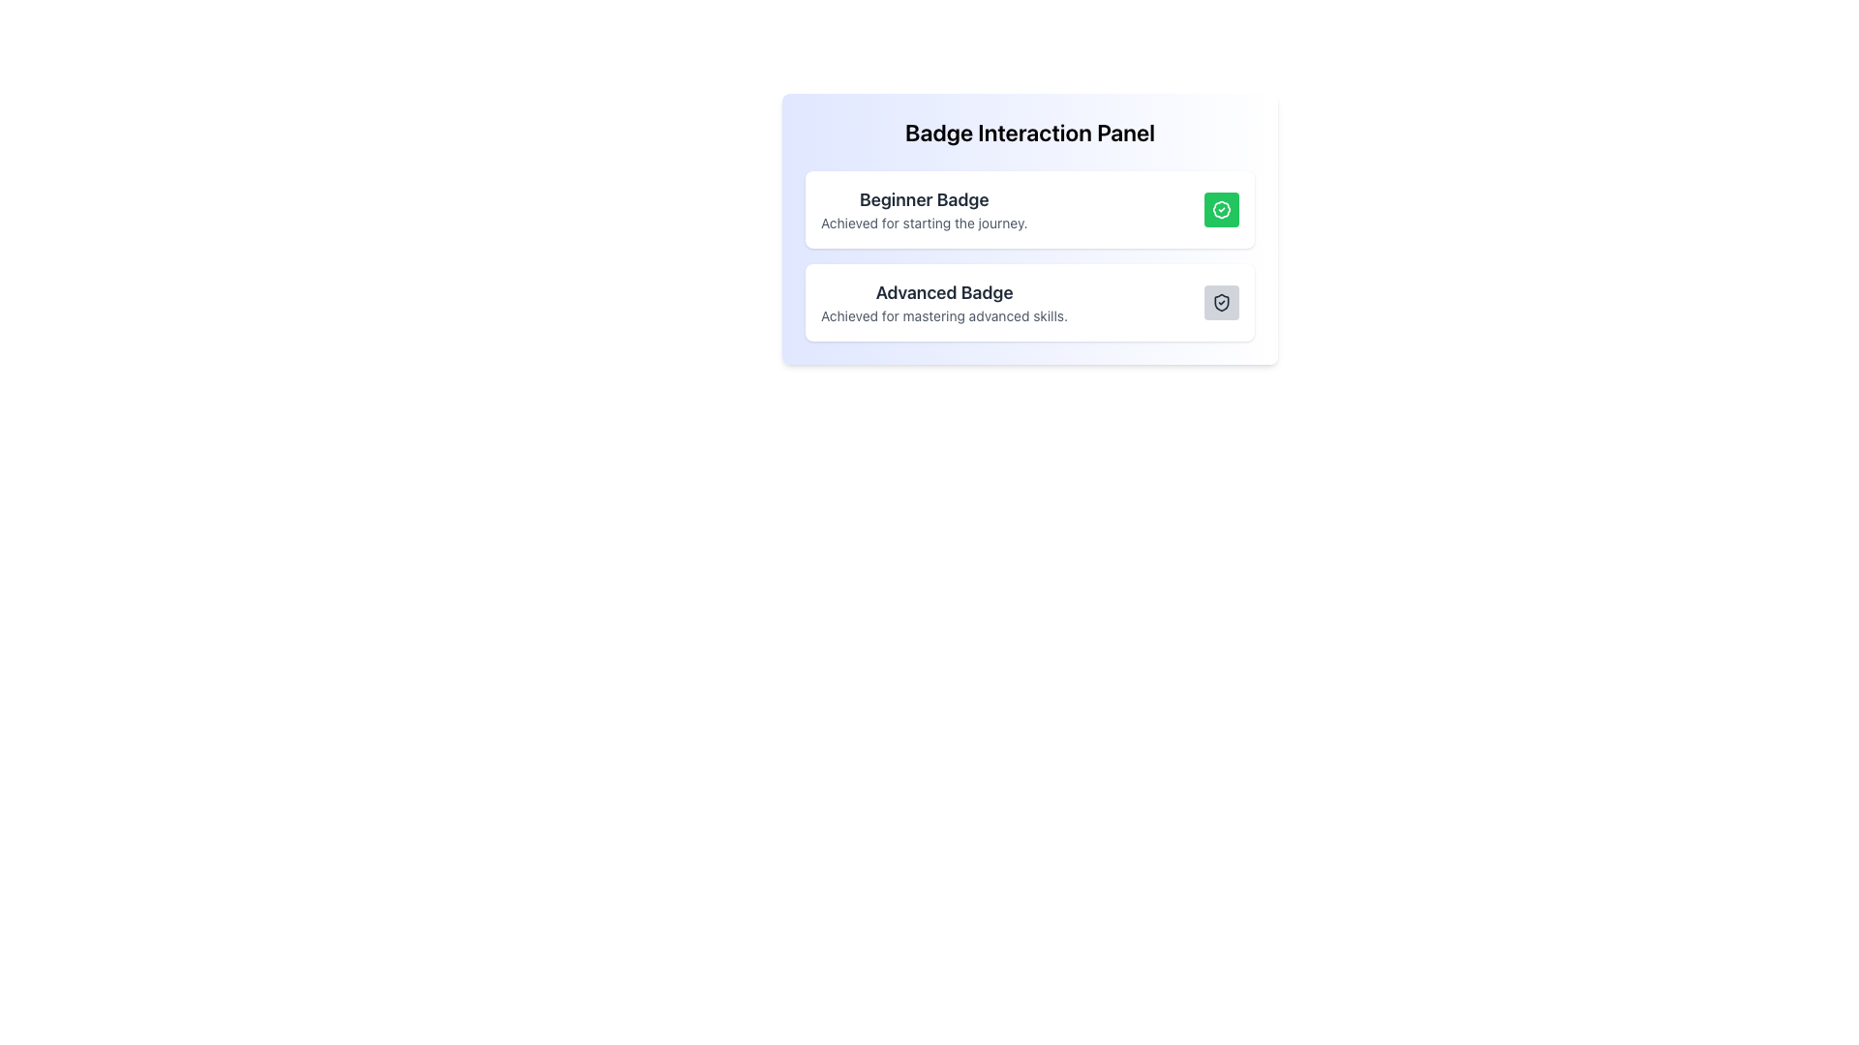  I want to click on 'Beginner Badge' text label, which is a bold and large font element located at the top of the Badge Interaction Panel, to understand the badge category, so click(923, 200).